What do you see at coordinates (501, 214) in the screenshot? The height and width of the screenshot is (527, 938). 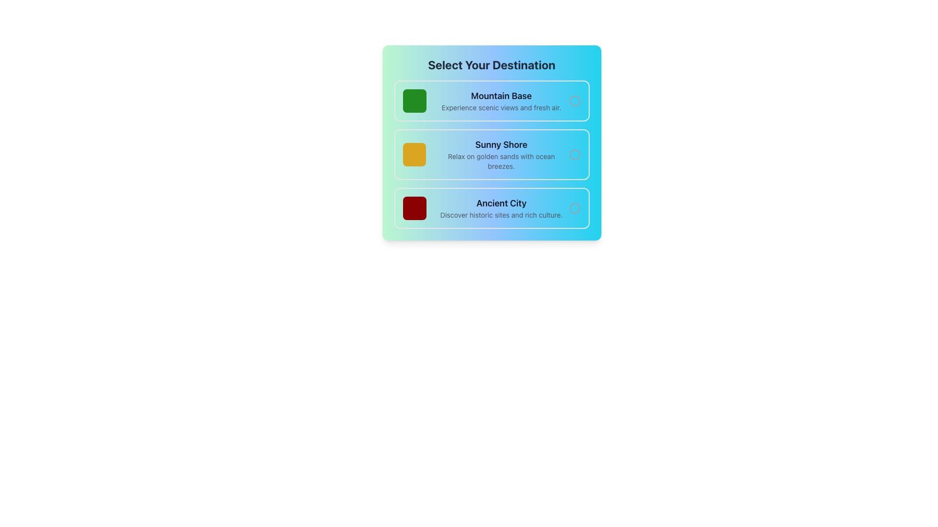 I see `static text element that displays the message 'Discover historic sites and rich culture.' located below the heading 'Ancient City.'` at bounding box center [501, 214].